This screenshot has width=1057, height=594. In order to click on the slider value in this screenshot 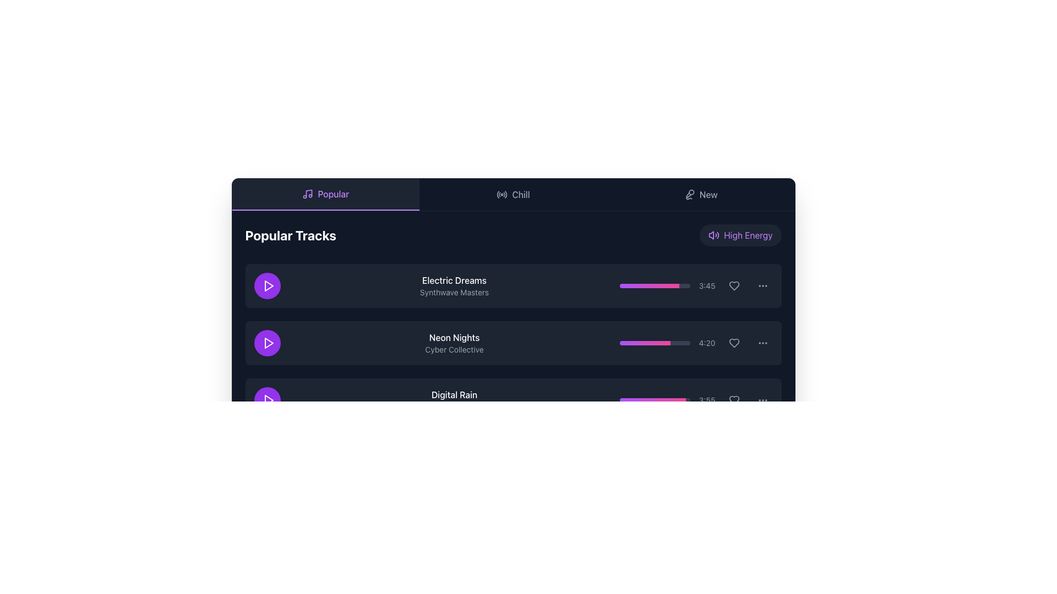, I will do `click(657, 400)`.